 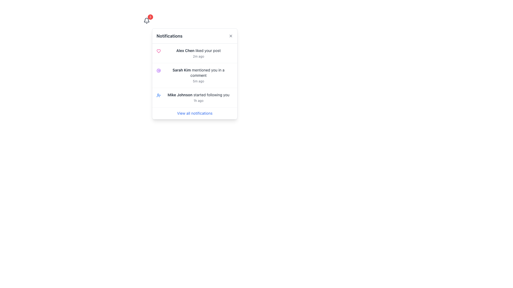 What do you see at coordinates (195, 53) in the screenshot?
I see `the notification entry indicating that 'Alex Chen' liked the user's post, which is the first item in the notifications dropdown list` at bounding box center [195, 53].